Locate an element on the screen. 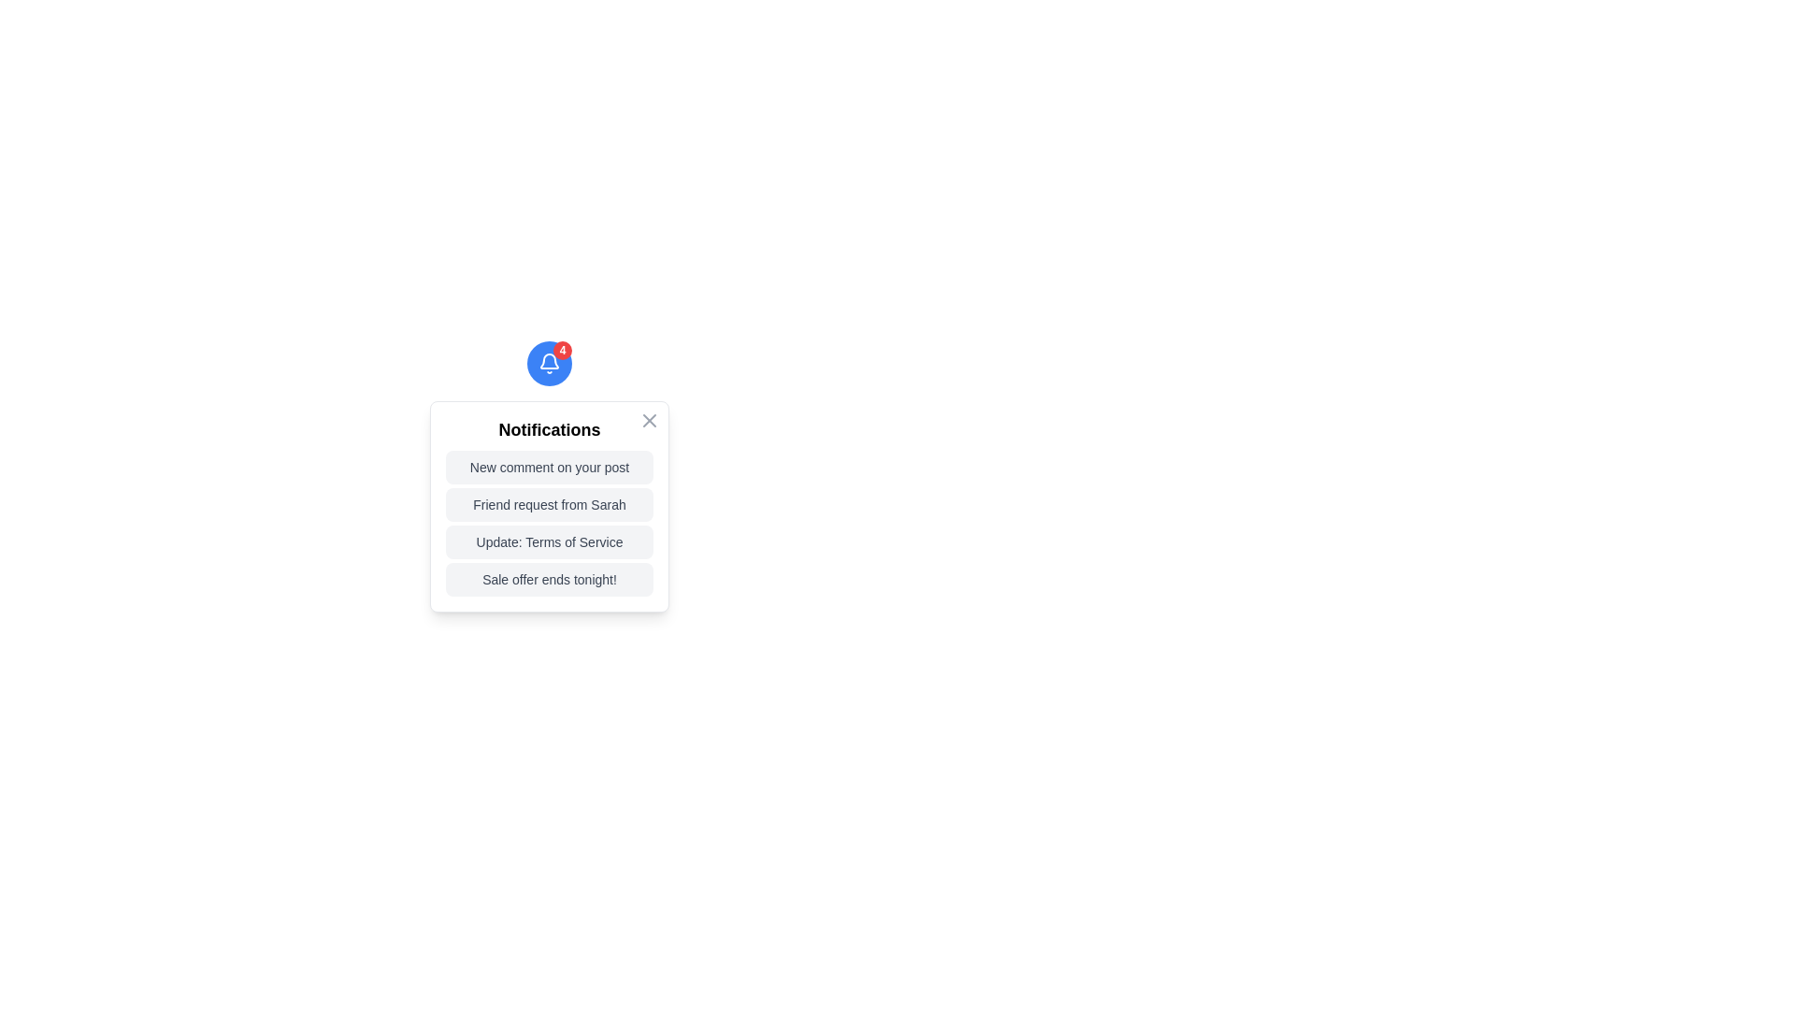  the static text label displaying 'Update: Terms of Service', which is the third notification item in the modal is located at coordinates (549, 541).